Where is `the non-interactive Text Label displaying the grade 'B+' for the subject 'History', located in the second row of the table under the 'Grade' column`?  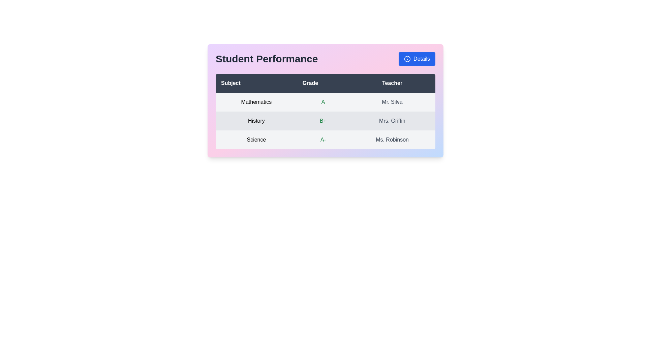
the non-interactive Text Label displaying the grade 'B+' for the subject 'History', located in the second row of the table under the 'Grade' column is located at coordinates (323, 120).